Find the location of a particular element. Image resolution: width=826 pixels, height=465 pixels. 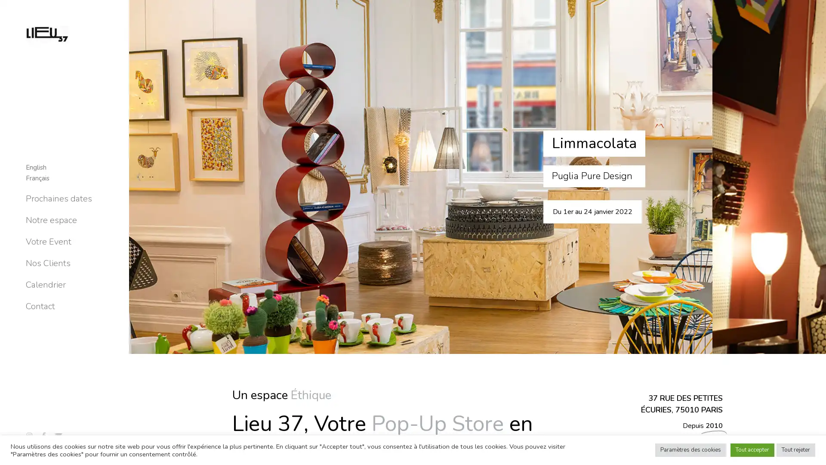

Tout accepter is located at coordinates (752, 449).